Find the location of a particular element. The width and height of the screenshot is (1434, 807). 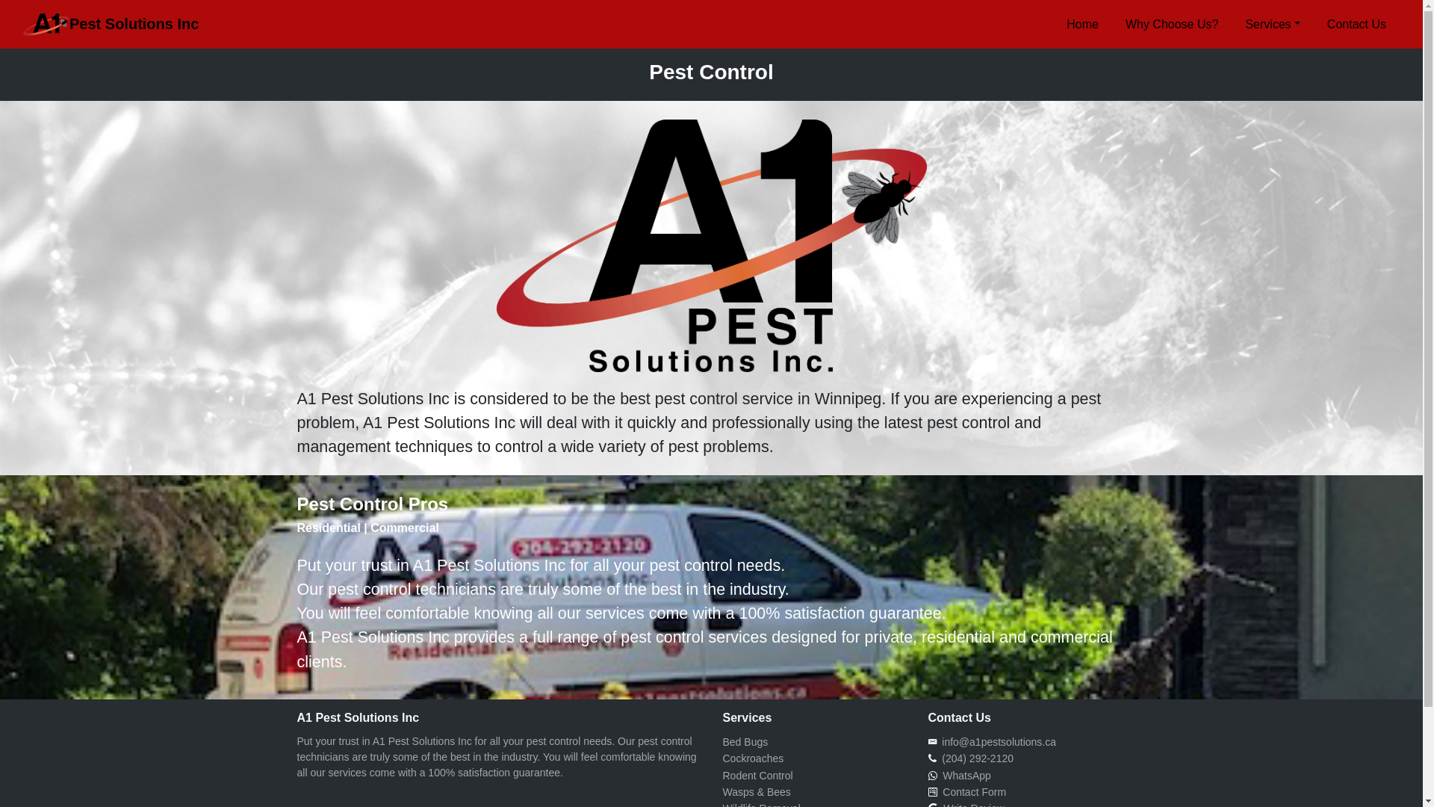

'  Contact Form' is located at coordinates (935, 791).